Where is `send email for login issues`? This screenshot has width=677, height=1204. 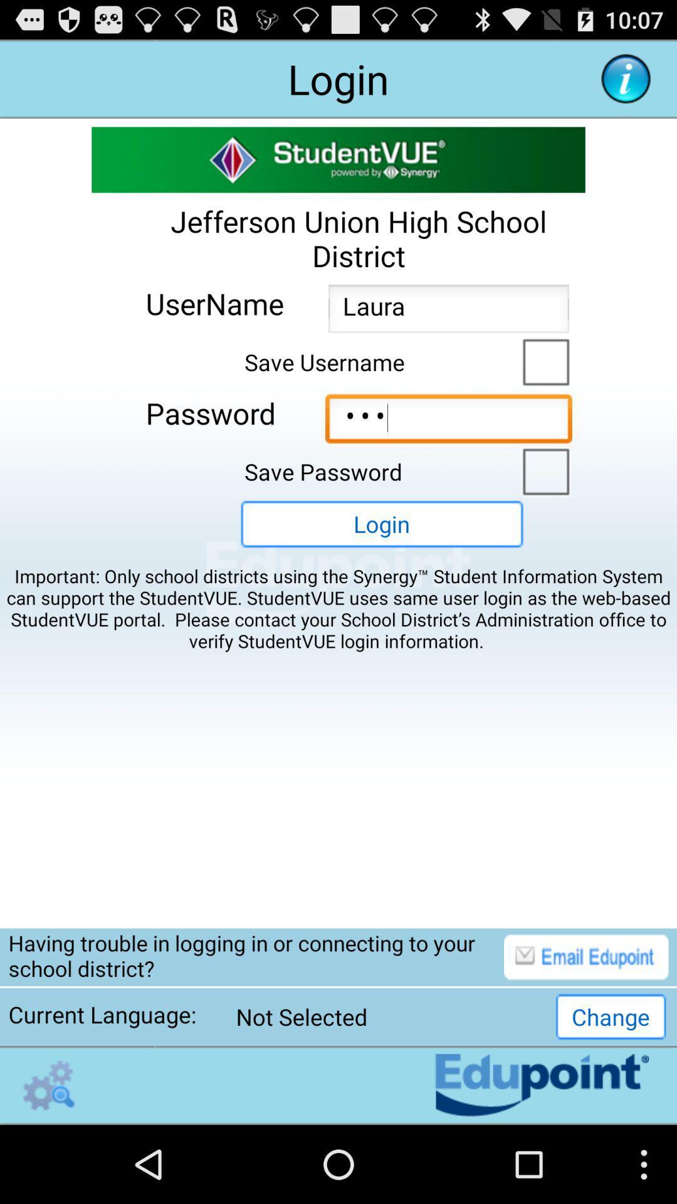
send email for login issues is located at coordinates (586, 956).